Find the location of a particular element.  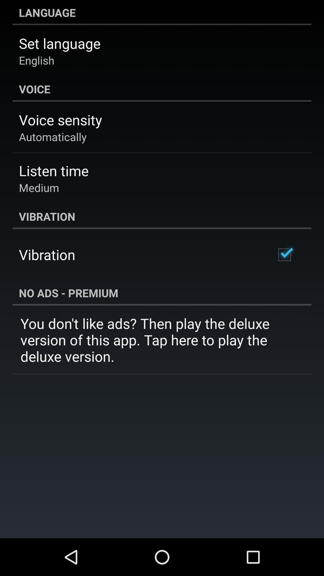

the automatically app is located at coordinates (52, 136).